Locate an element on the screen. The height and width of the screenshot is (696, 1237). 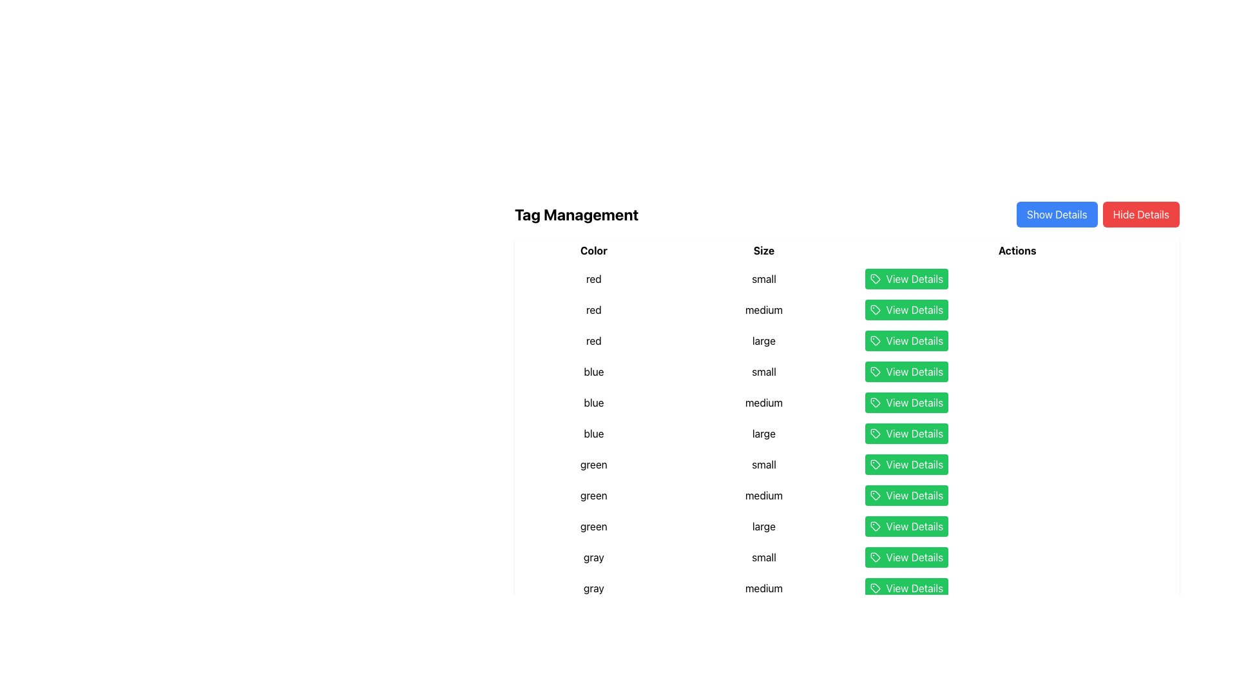
the tag-shaped icon located within the 'View Details' button in the 'Actions' column of the table is located at coordinates (876, 433).